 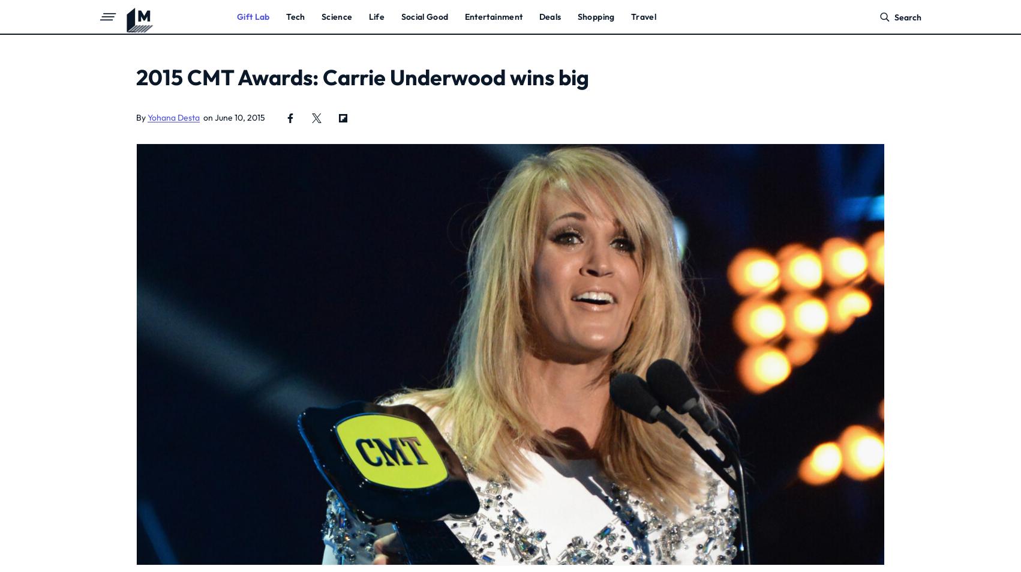 What do you see at coordinates (424, 16) in the screenshot?
I see `'Social Good'` at bounding box center [424, 16].